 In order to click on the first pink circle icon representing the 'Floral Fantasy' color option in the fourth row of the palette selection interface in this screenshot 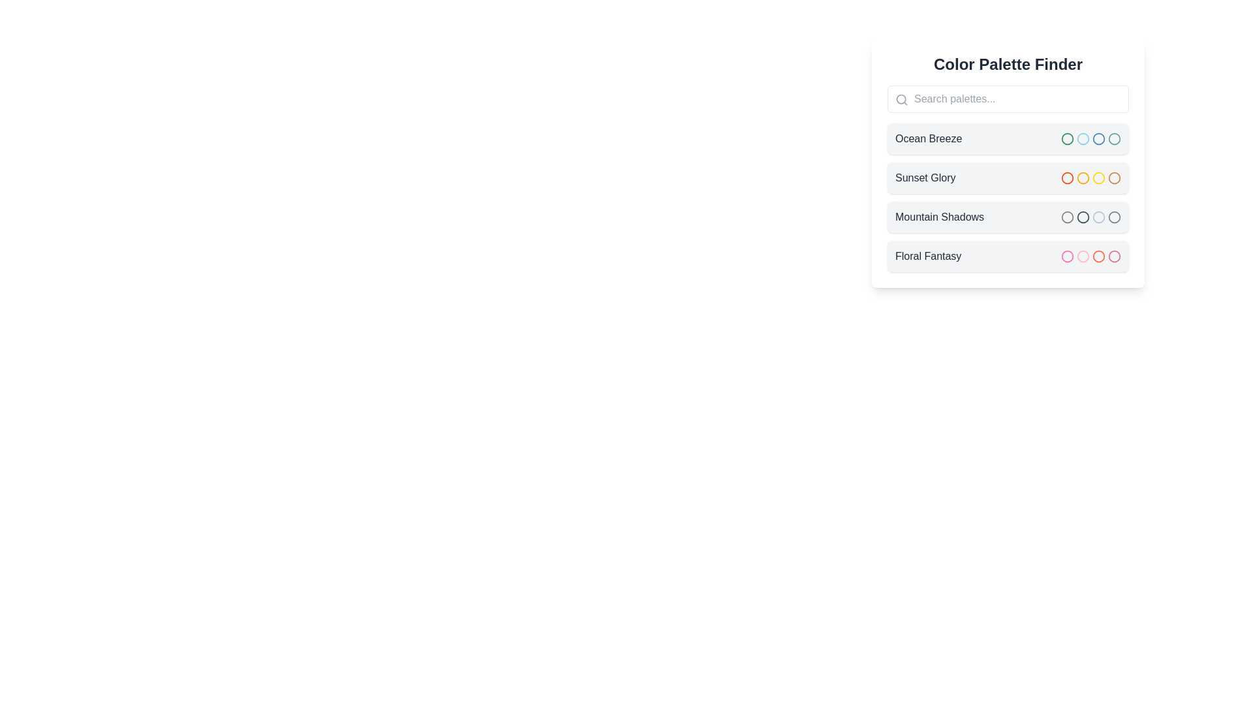, I will do `click(1068, 257)`.